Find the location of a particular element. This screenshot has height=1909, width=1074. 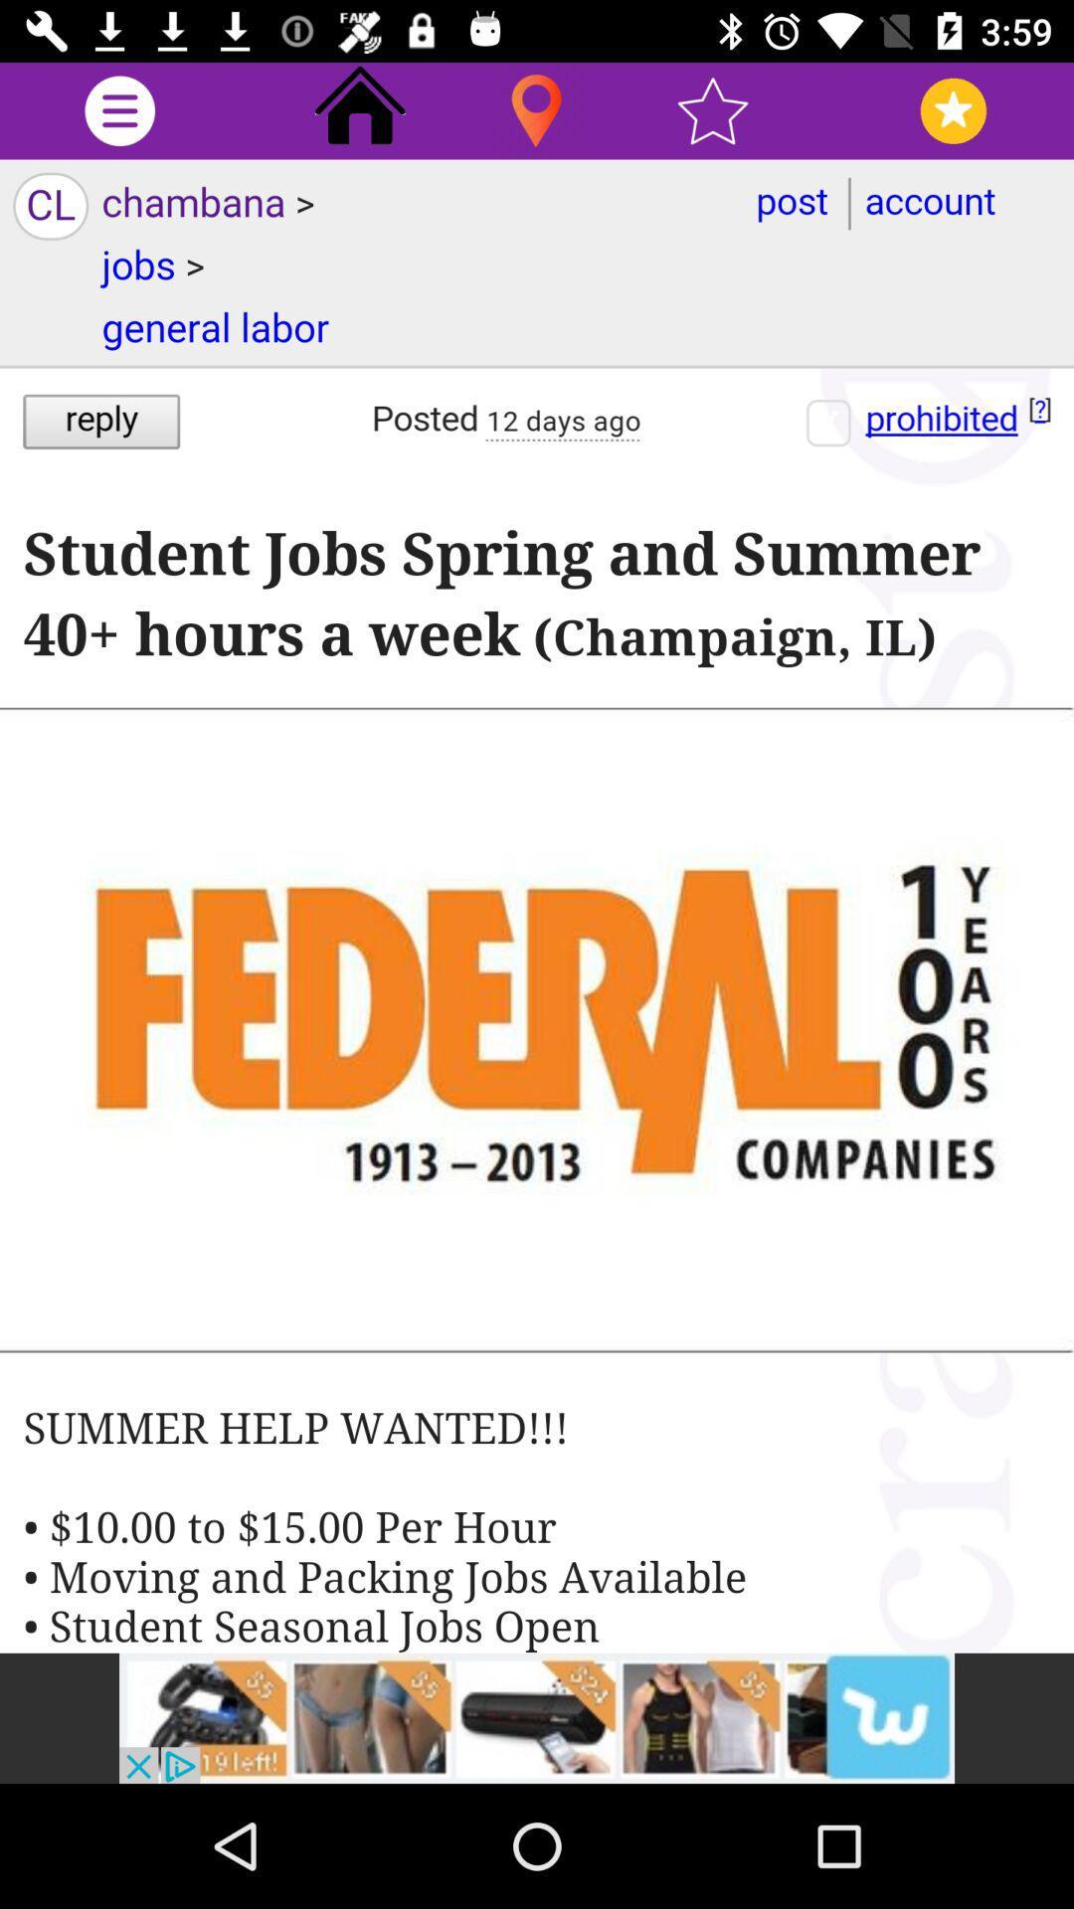

go home is located at coordinates (360, 109).